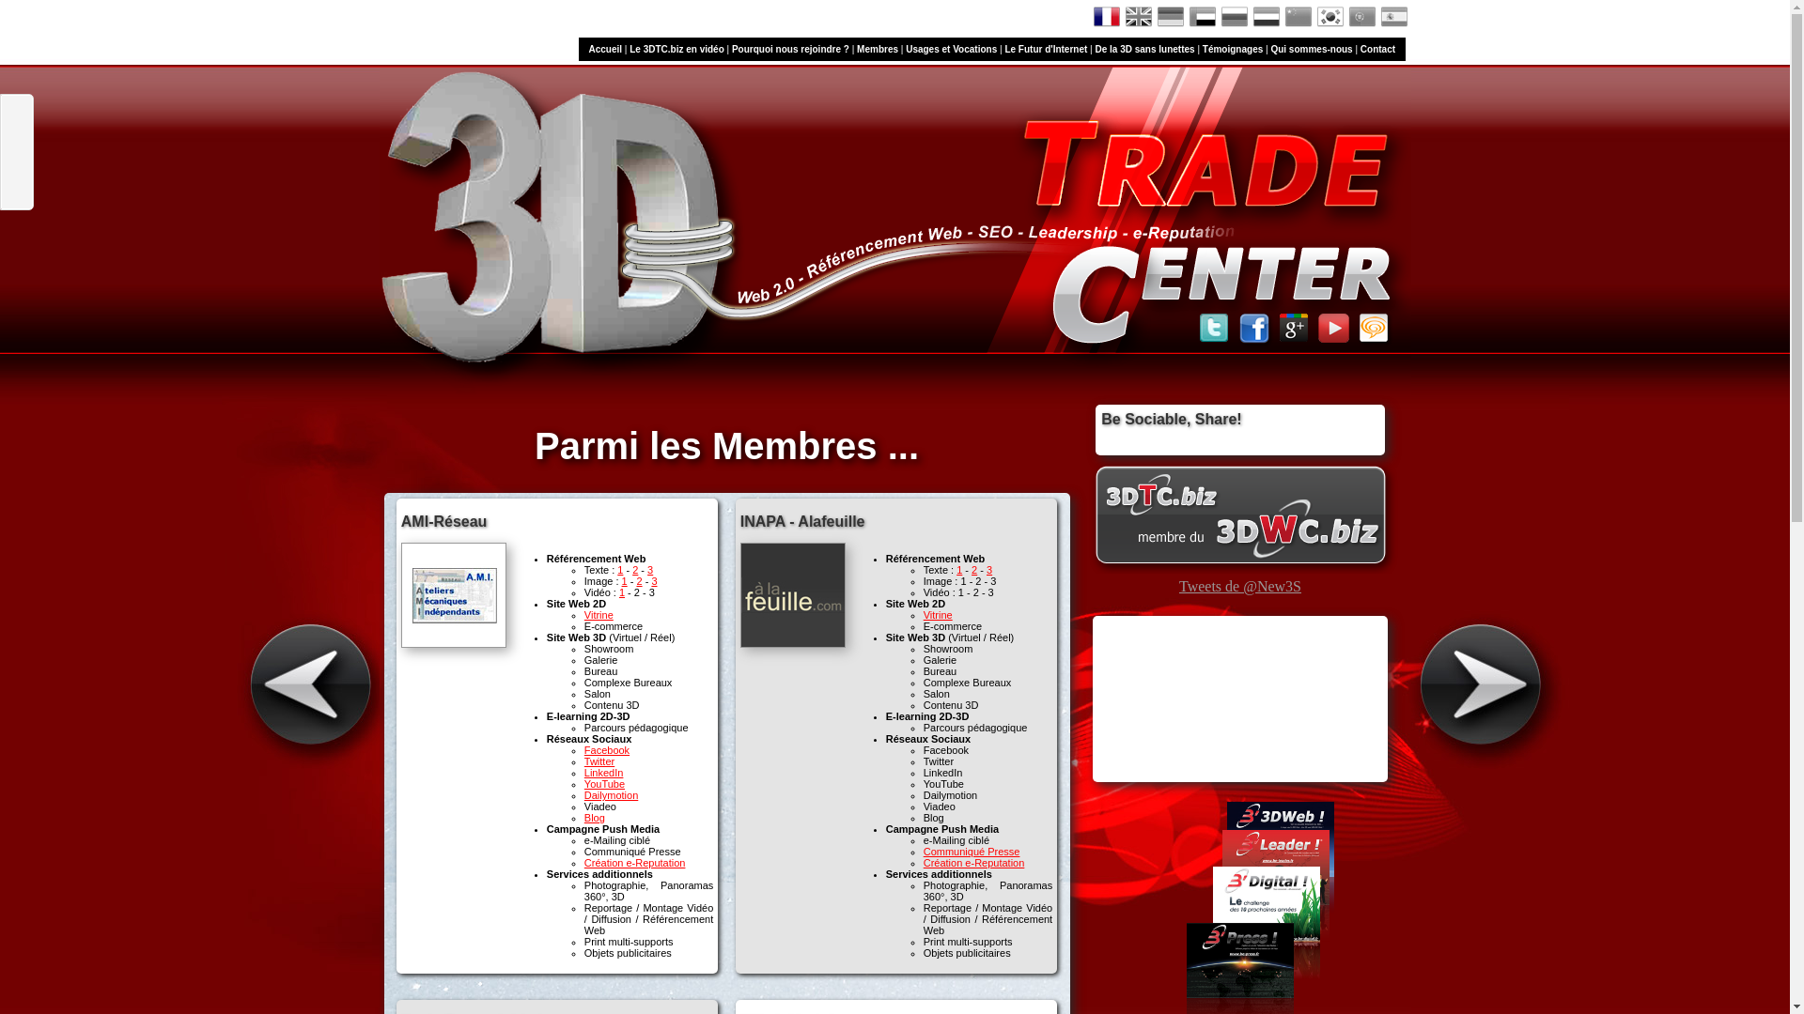  Describe the element at coordinates (583, 772) in the screenshot. I see `'LinkedIn'` at that location.